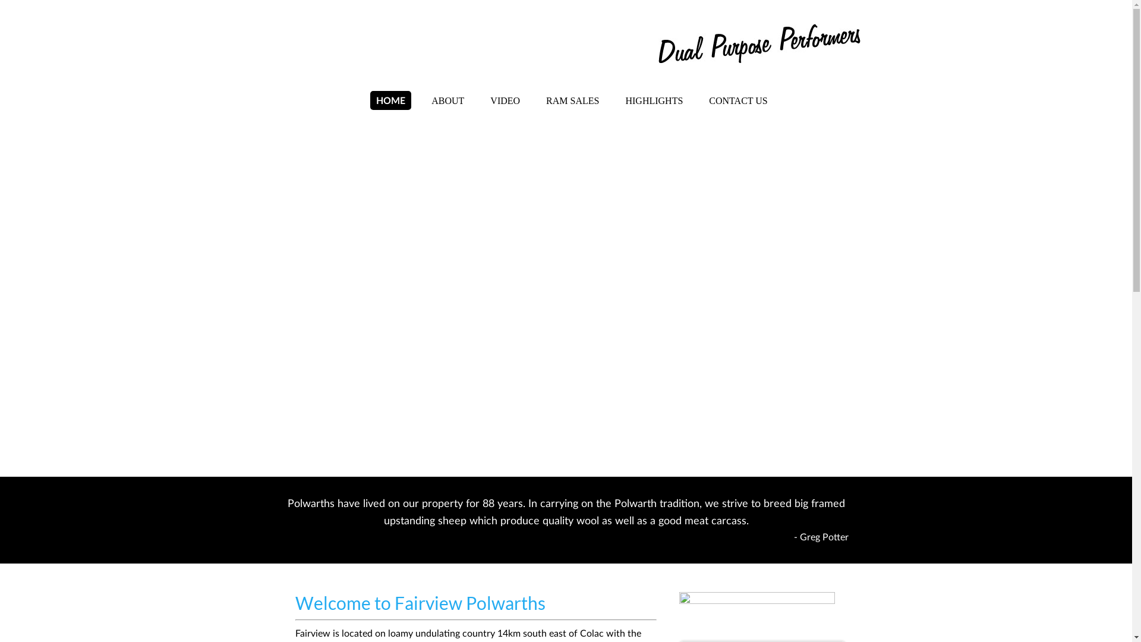 This screenshot has width=1141, height=642. What do you see at coordinates (370, 100) in the screenshot?
I see `'HOME'` at bounding box center [370, 100].